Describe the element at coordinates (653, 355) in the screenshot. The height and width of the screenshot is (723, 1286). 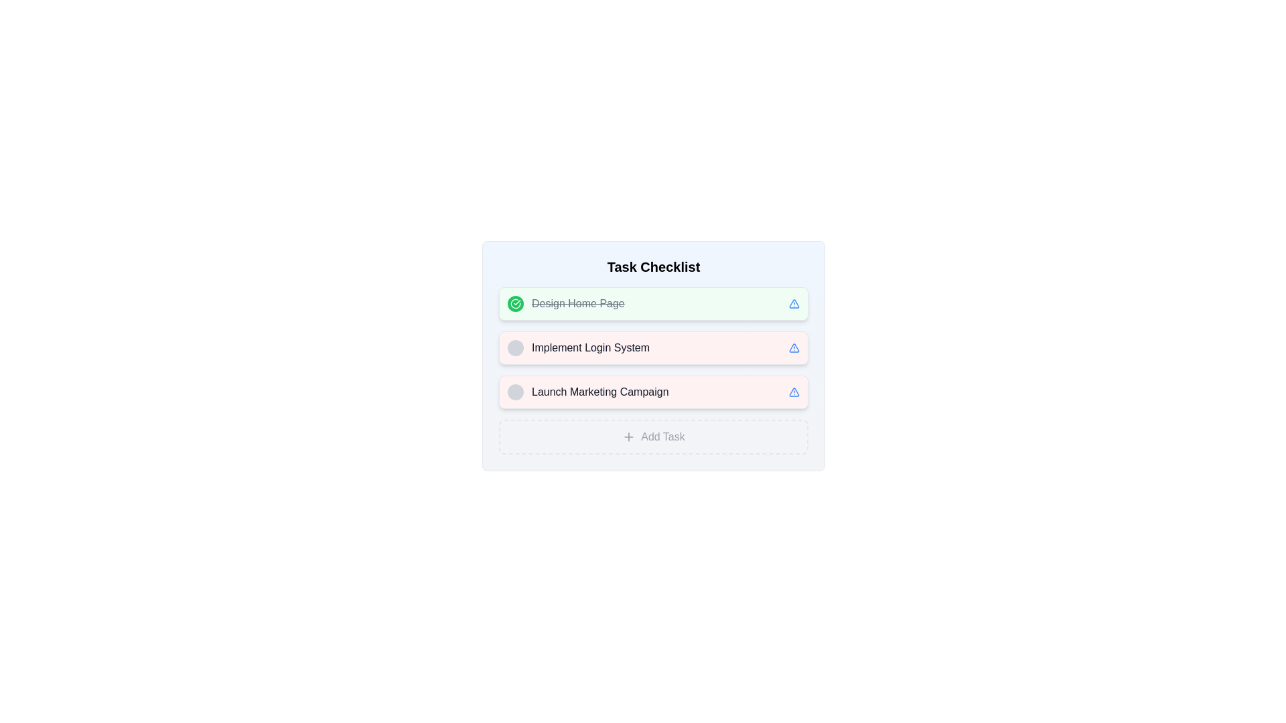
I see `the task item in the checklist interface, which is positioned in the second slot` at that location.